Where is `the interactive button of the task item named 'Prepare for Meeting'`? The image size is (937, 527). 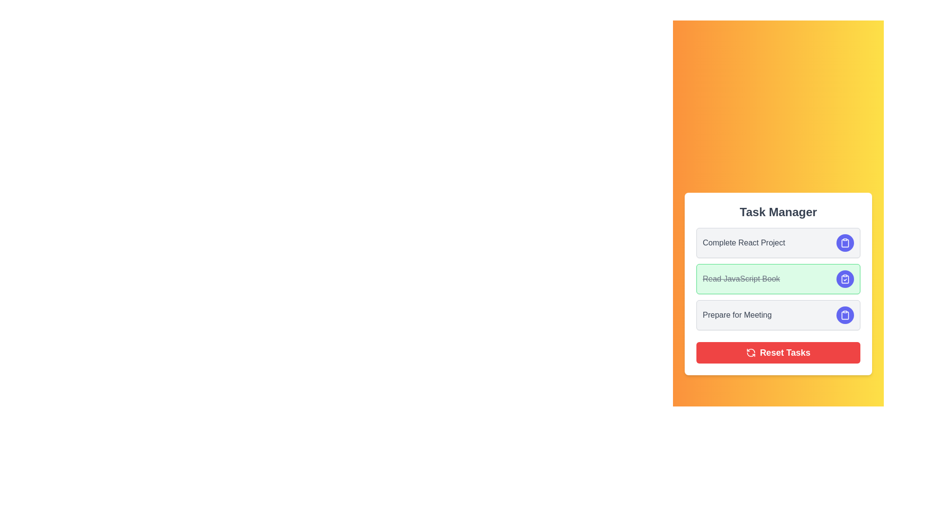 the interactive button of the task item named 'Prepare for Meeting' is located at coordinates (777, 315).